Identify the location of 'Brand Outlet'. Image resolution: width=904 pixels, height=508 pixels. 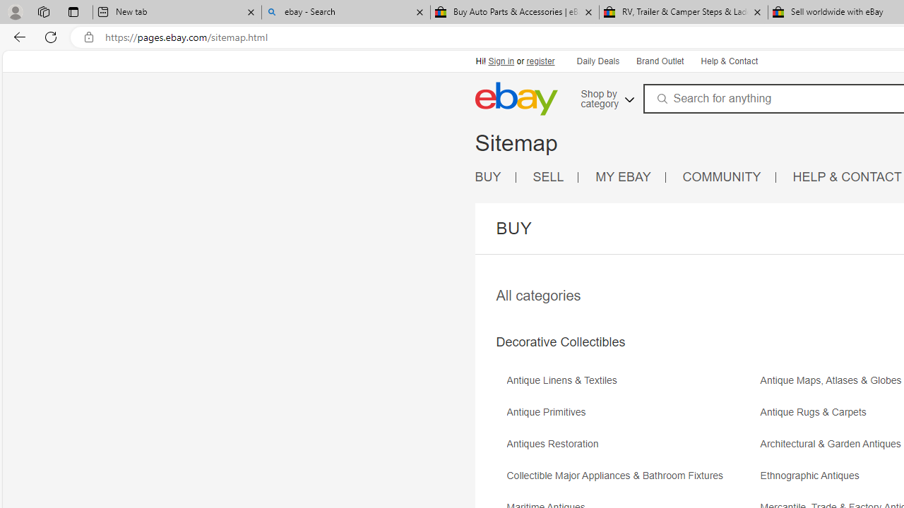
(660, 61).